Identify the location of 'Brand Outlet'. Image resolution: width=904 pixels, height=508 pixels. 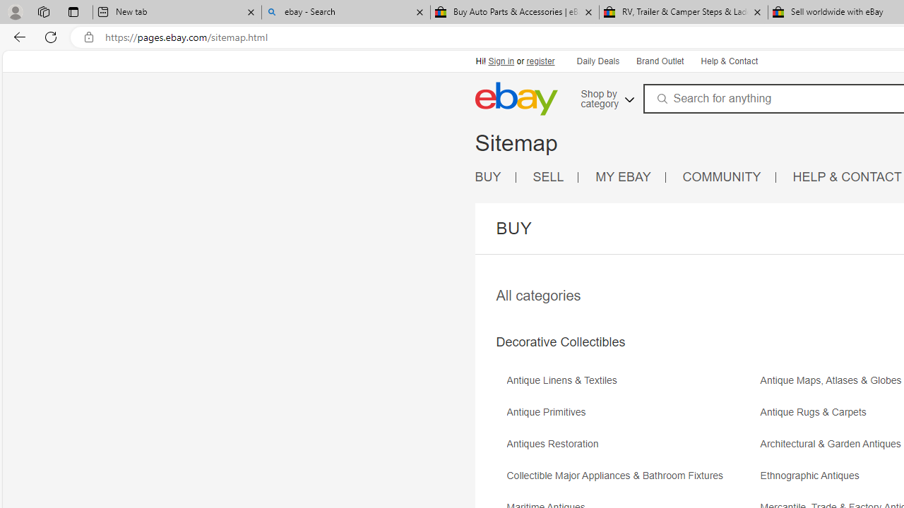
(660, 61).